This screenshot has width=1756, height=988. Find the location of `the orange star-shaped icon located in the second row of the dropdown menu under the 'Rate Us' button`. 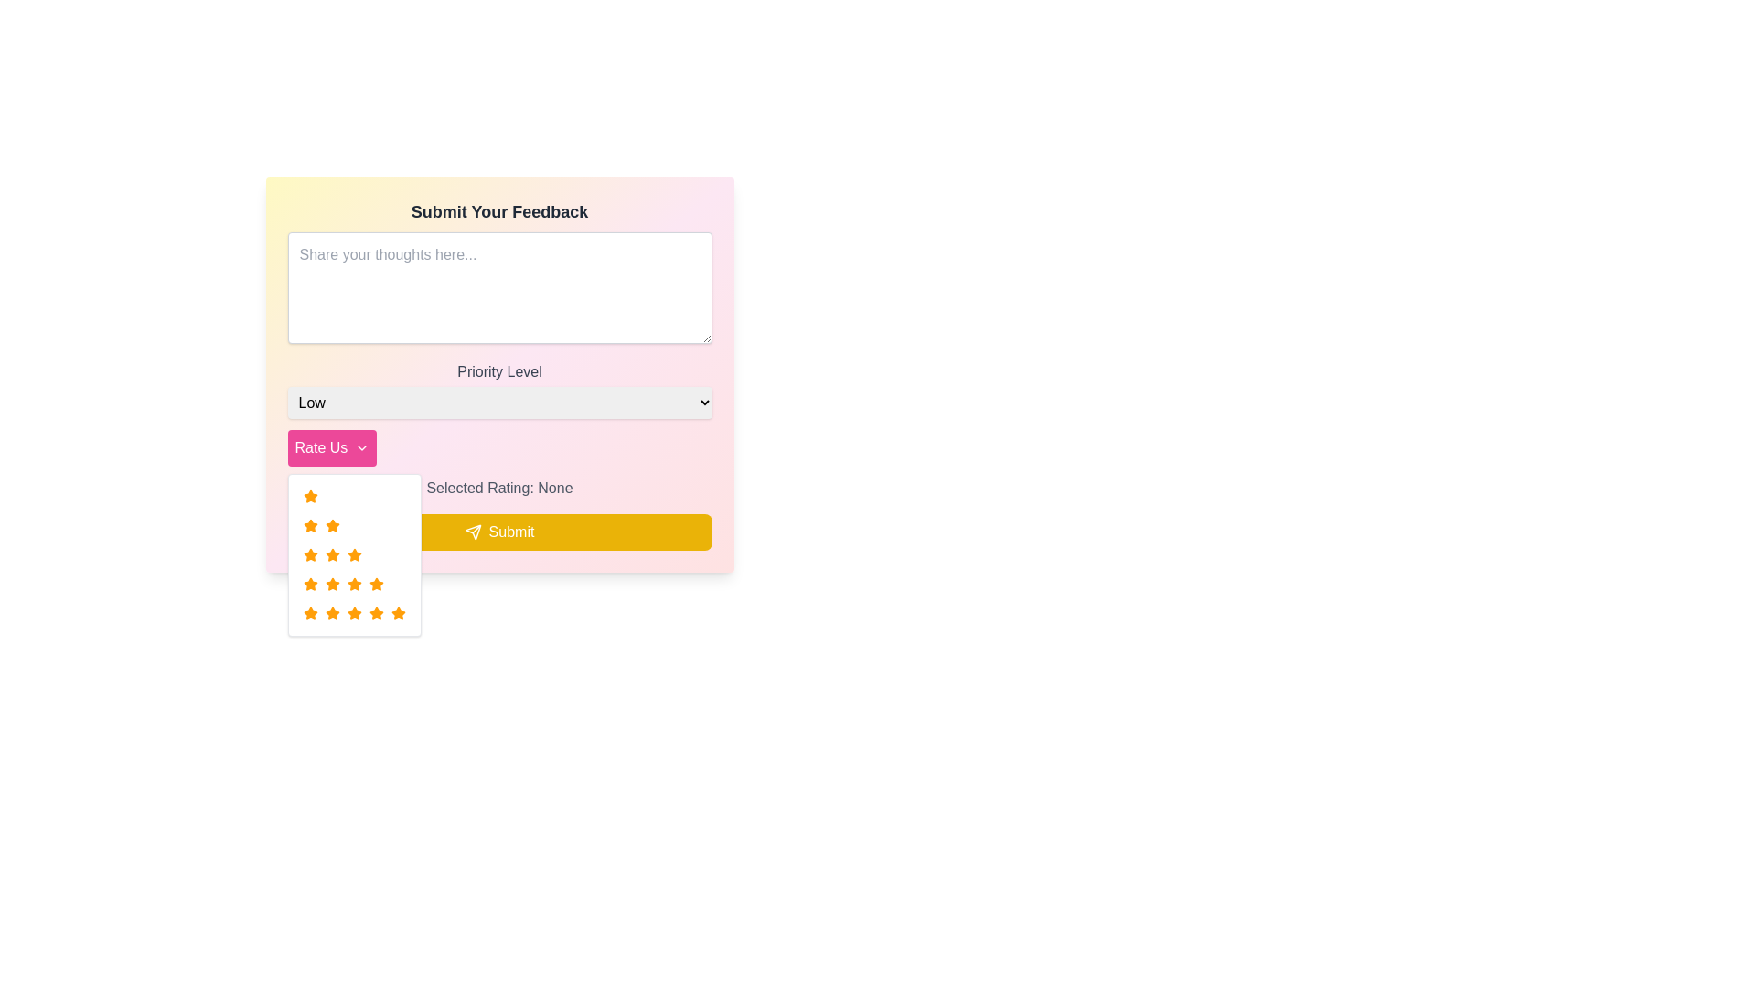

the orange star-shaped icon located in the second row of the dropdown menu under the 'Rate Us' button is located at coordinates (310, 553).